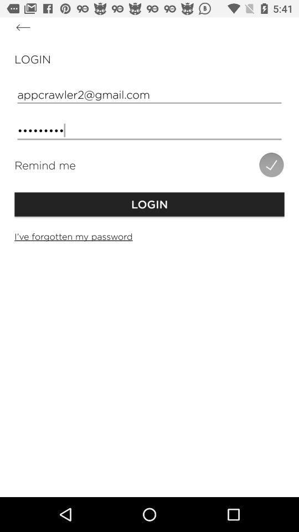 This screenshot has width=299, height=532. I want to click on the icon below the crowd3116 item, so click(271, 164).